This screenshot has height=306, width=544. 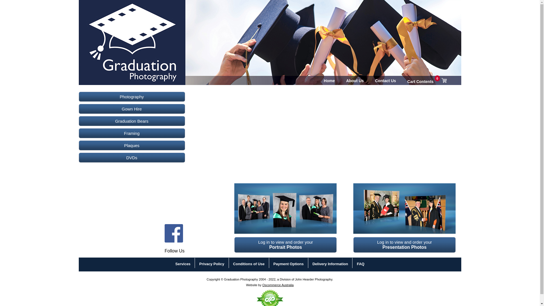 I want to click on 'Gown Hire', so click(x=131, y=109).